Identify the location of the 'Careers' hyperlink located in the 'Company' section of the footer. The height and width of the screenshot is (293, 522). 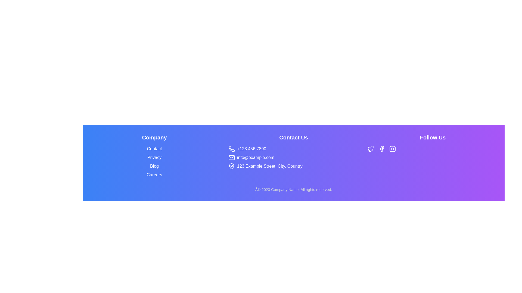
(154, 175).